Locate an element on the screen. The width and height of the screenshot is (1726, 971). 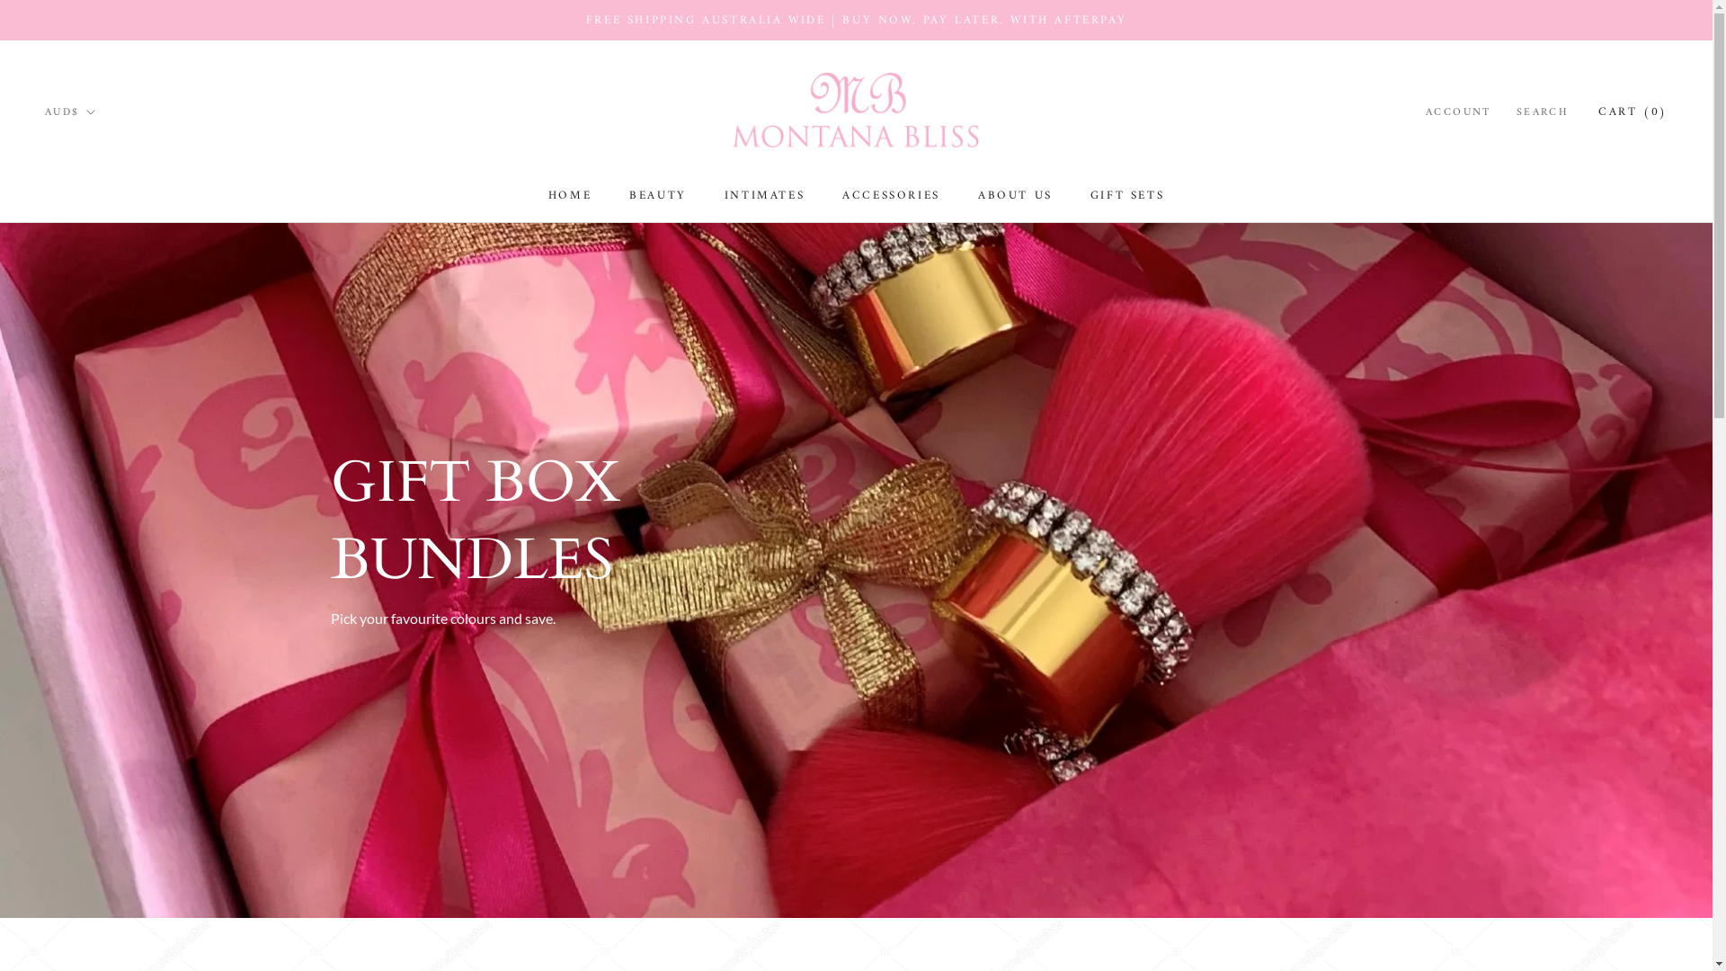
'GIFT SETS is located at coordinates (1125, 195).